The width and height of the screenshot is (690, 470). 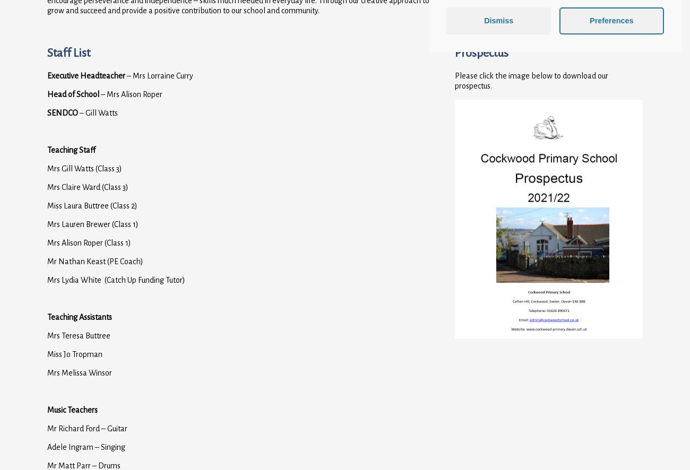 I want to click on 'Head of School', so click(x=73, y=93).